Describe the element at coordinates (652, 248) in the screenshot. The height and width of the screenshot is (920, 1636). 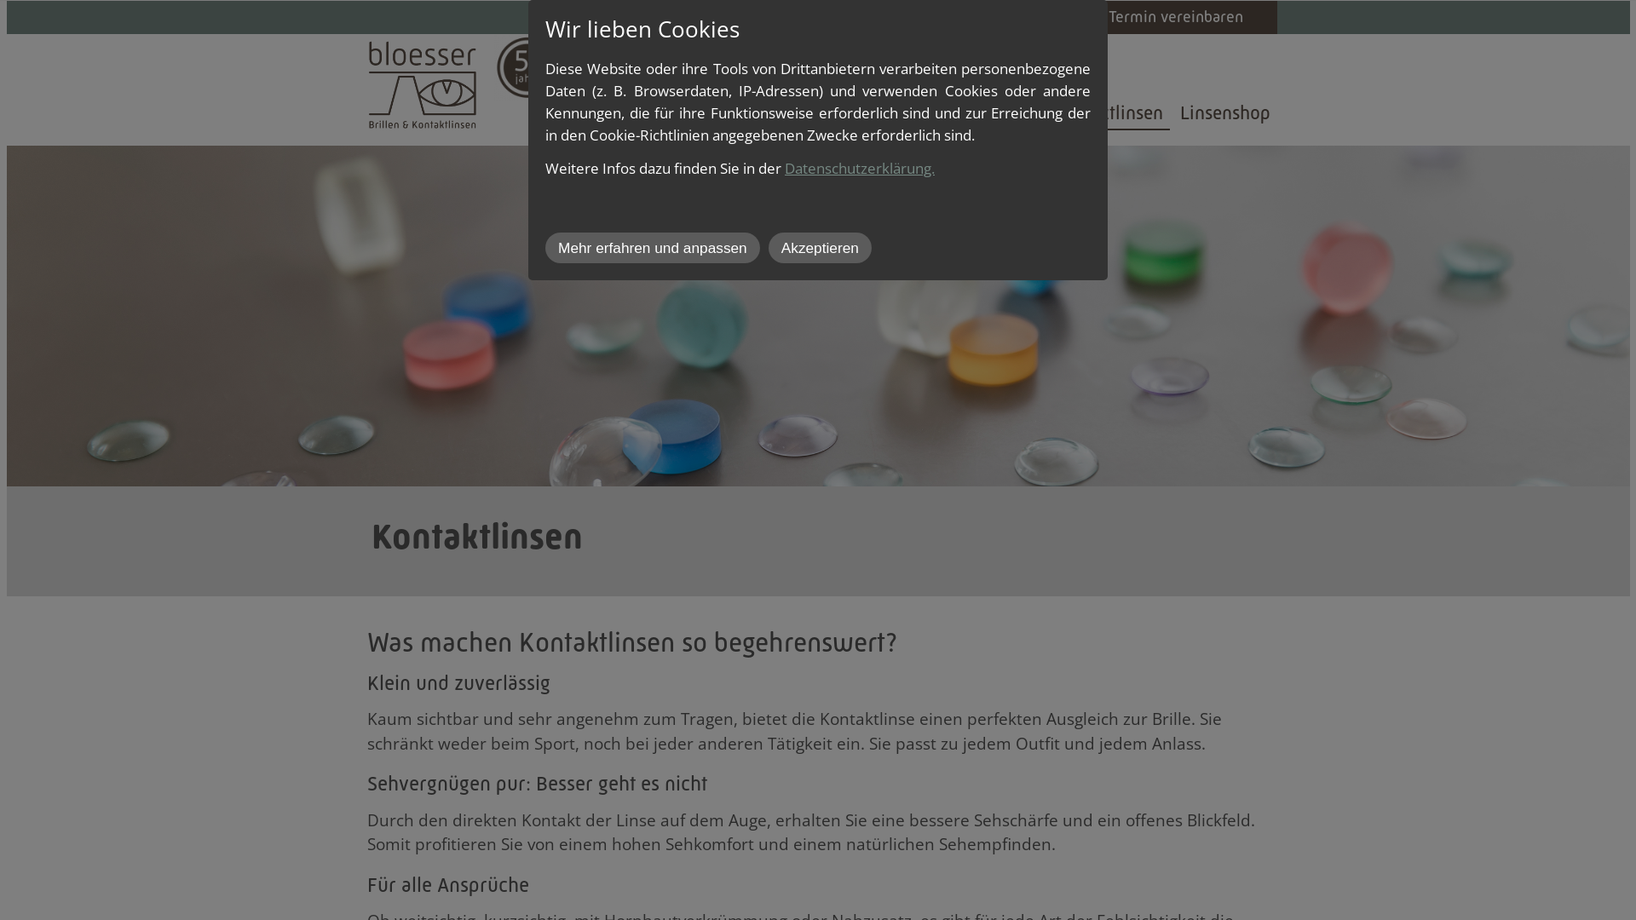
I see `'Mehr erfahren und anpassen'` at that location.